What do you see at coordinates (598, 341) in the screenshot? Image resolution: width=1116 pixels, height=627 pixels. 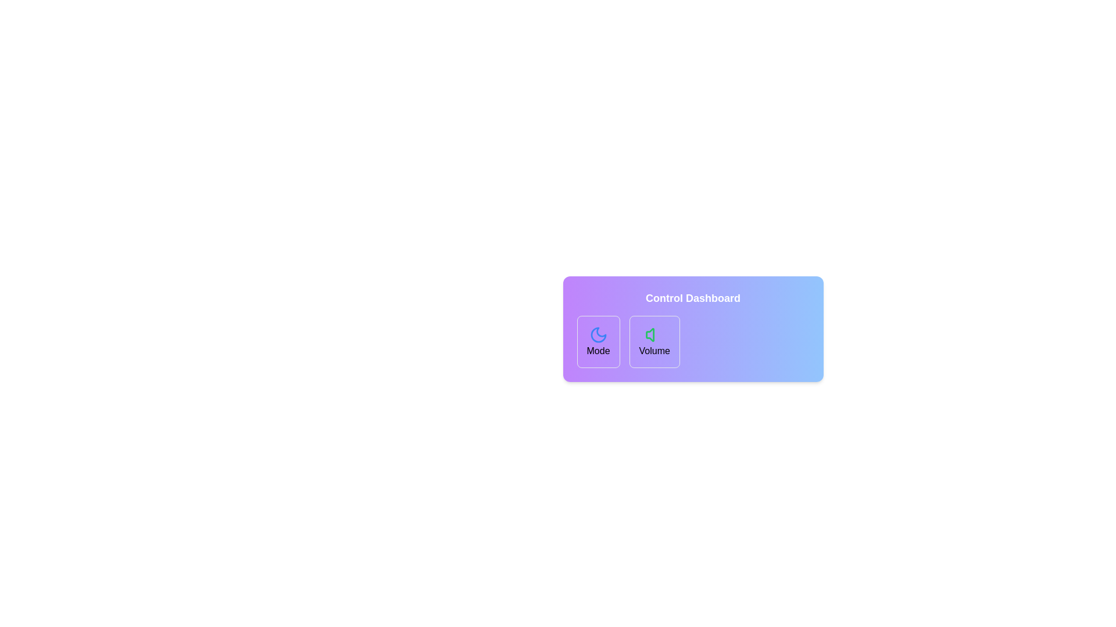 I see `the 'Mode' button to toggle its state` at bounding box center [598, 341].